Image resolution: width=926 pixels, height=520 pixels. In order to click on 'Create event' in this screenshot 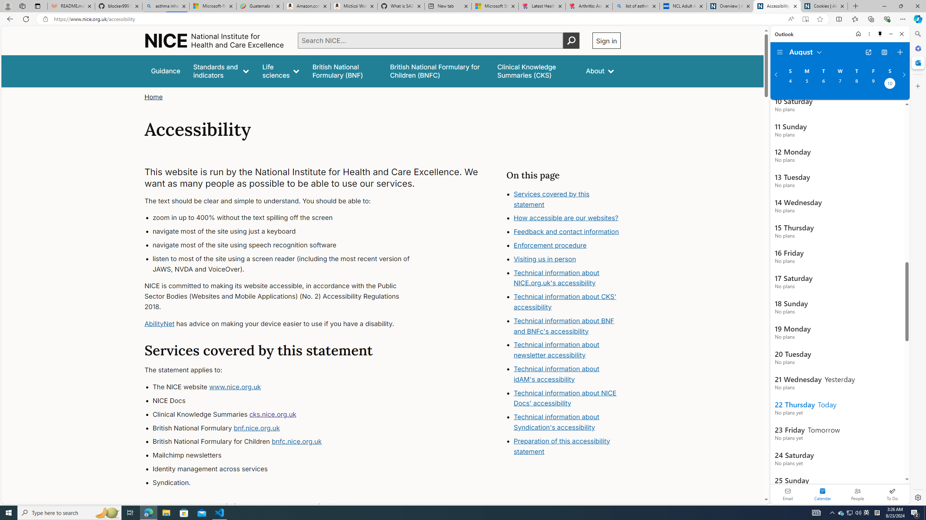, I will do `click(900, 52)`.